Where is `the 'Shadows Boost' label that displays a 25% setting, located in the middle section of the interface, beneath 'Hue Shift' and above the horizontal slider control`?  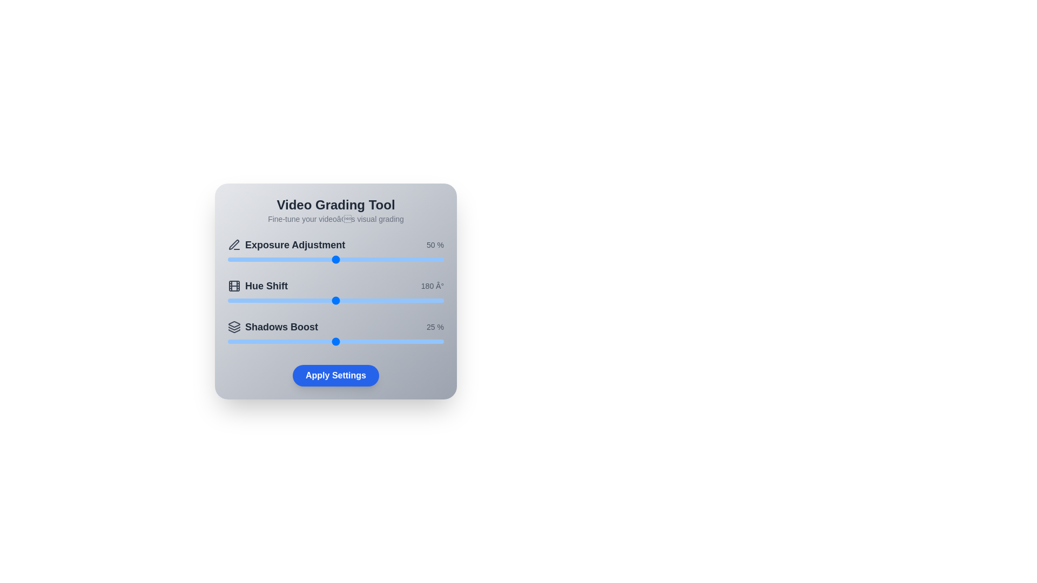 the 'Shadows Boost' label that displays a 25% setting, located in the middle section of the interface, beneath 'Hue Shift' and above the horizontal slider control is located at coordinates (335, 326).